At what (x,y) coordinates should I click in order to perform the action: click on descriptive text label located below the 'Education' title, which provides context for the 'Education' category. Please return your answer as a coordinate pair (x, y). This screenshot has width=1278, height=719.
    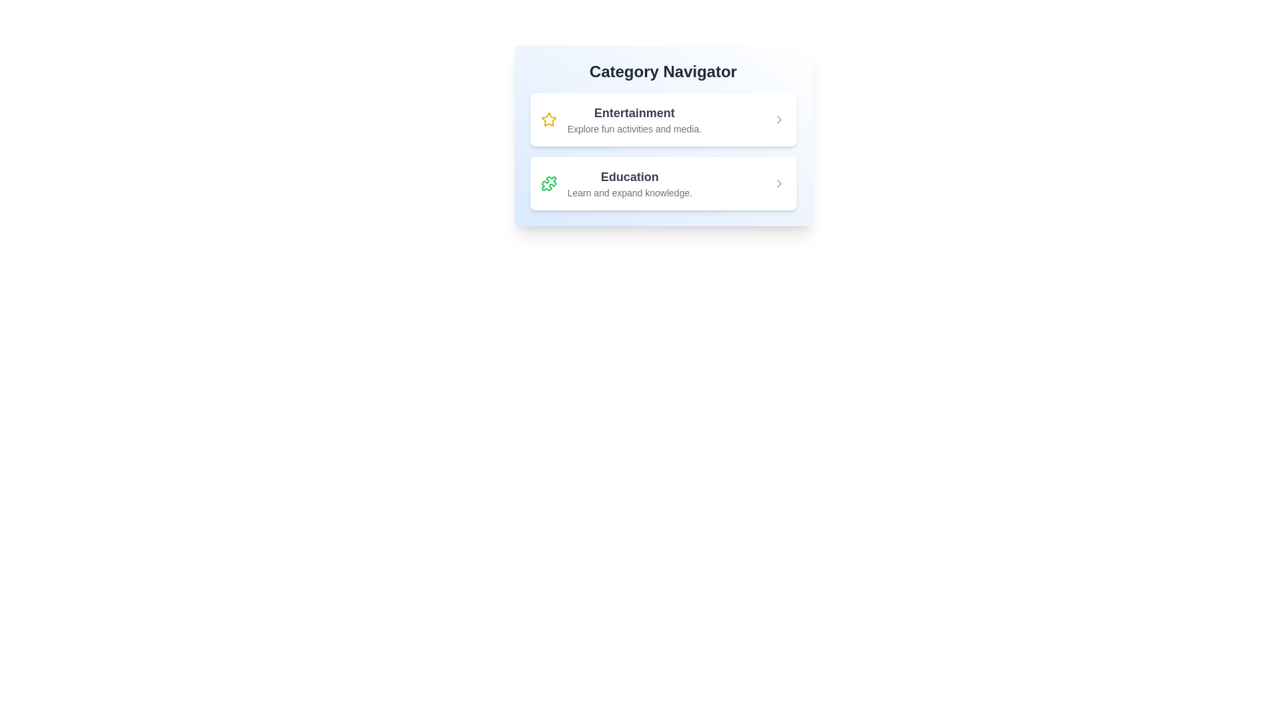
    Looking at the image, I should click on (629, 192).